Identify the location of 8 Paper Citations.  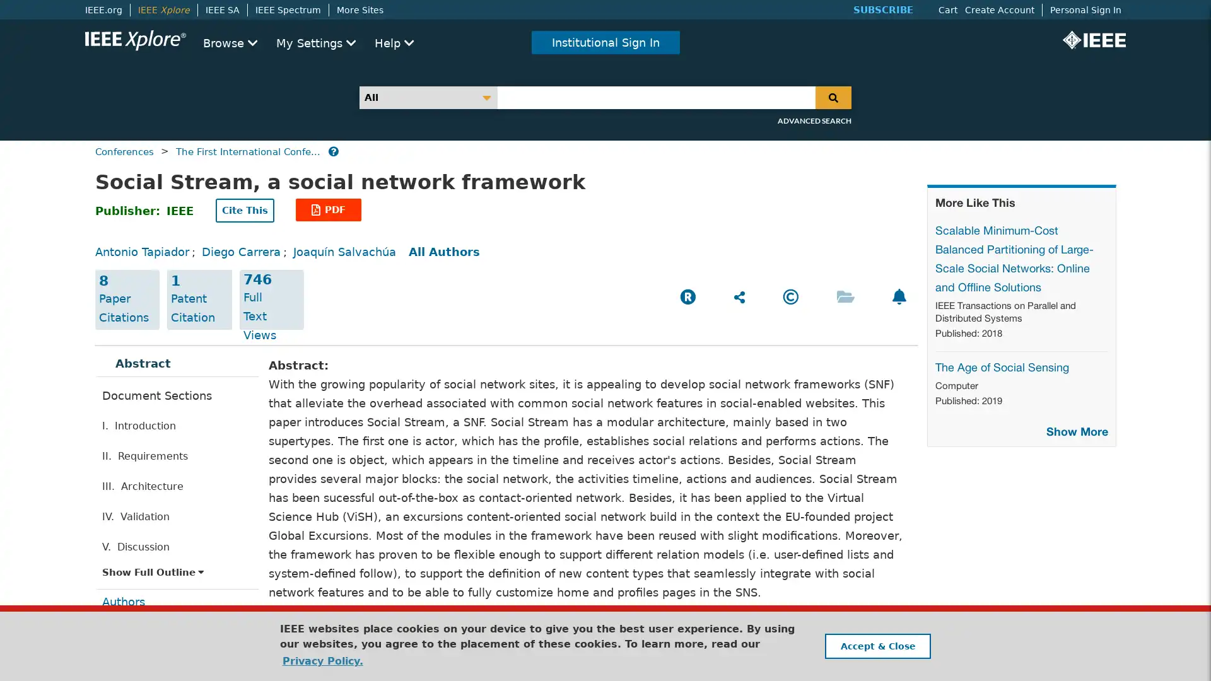
(127, 300).